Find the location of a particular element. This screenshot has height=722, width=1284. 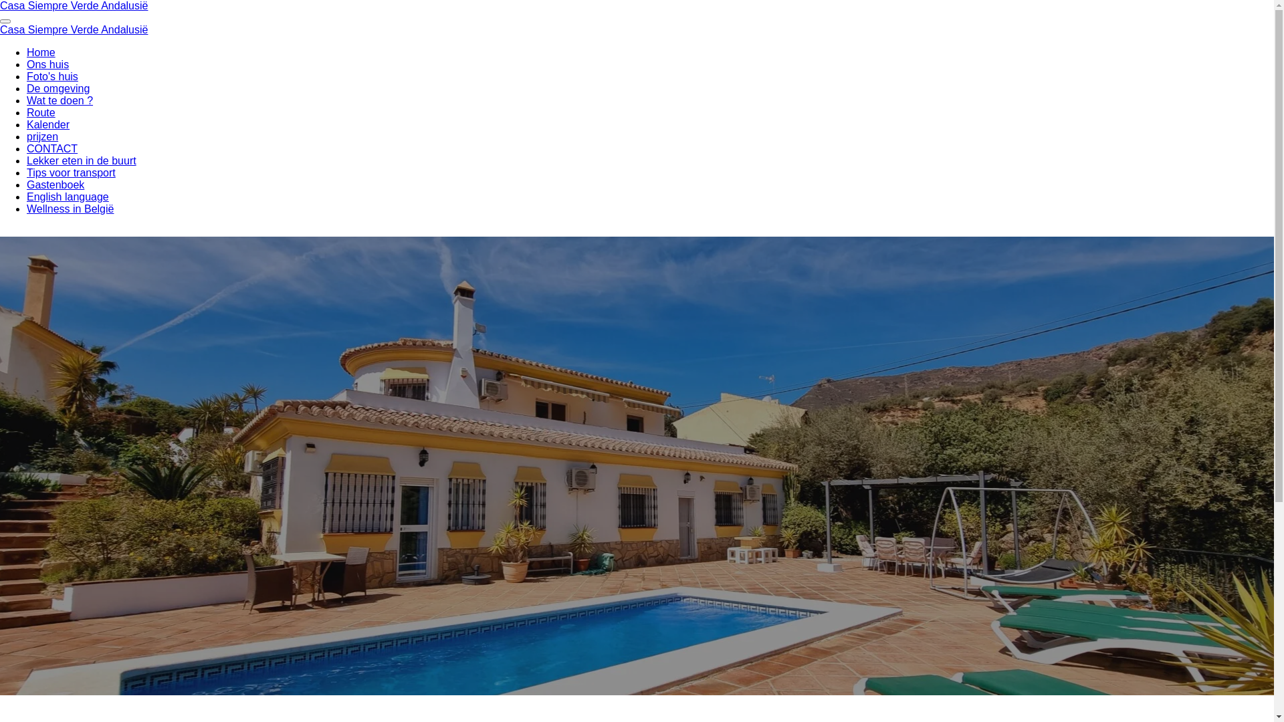

'Tips voor transport' is located at coordinates (70, 172).